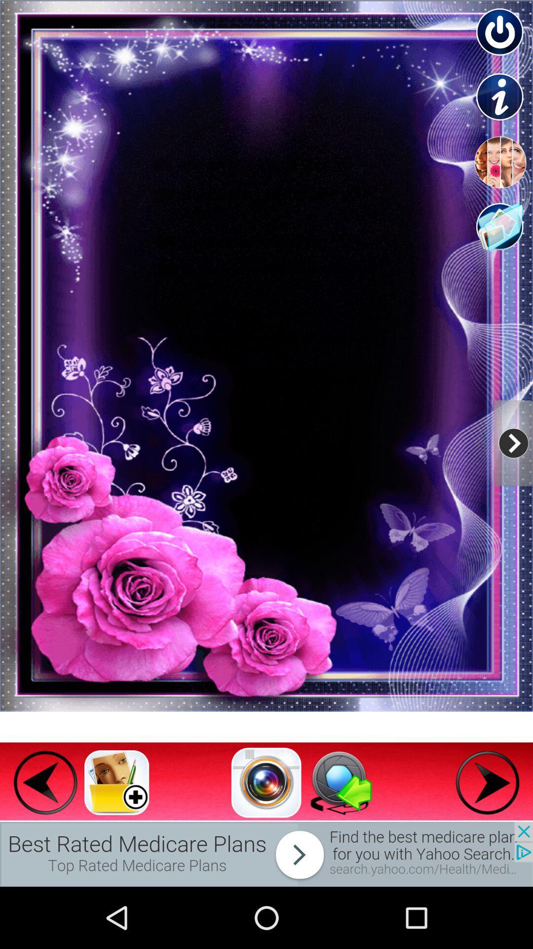  Describe the element at coordinates (487, 782) in the screenshot. I see `next option` at that location.